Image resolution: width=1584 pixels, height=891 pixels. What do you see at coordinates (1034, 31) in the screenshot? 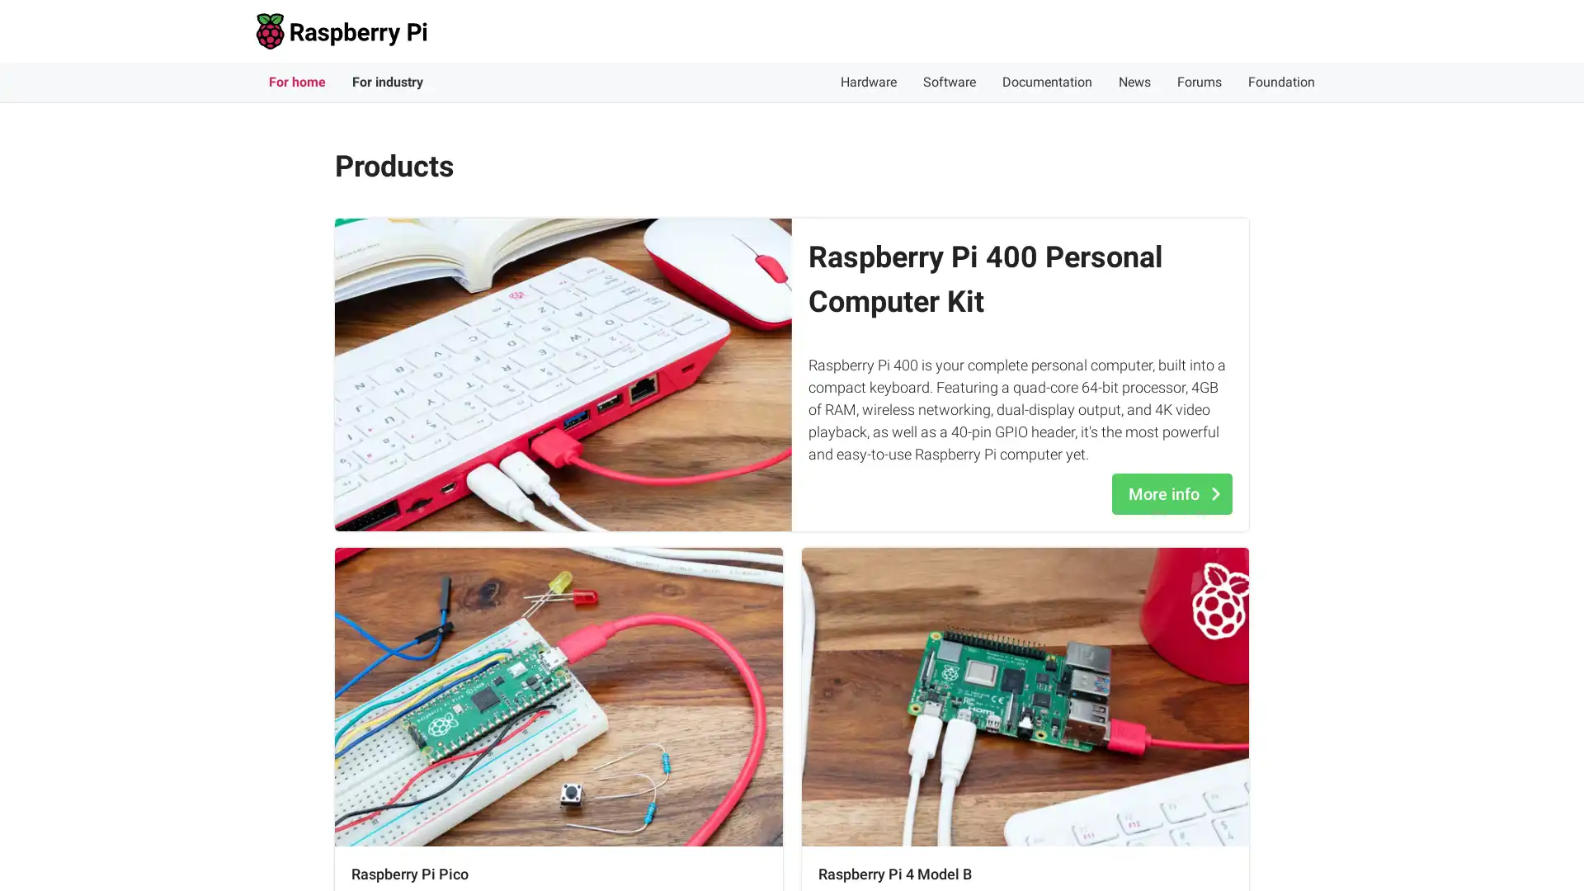
I see `Accept cookies` at bounding box center [1034, 31].